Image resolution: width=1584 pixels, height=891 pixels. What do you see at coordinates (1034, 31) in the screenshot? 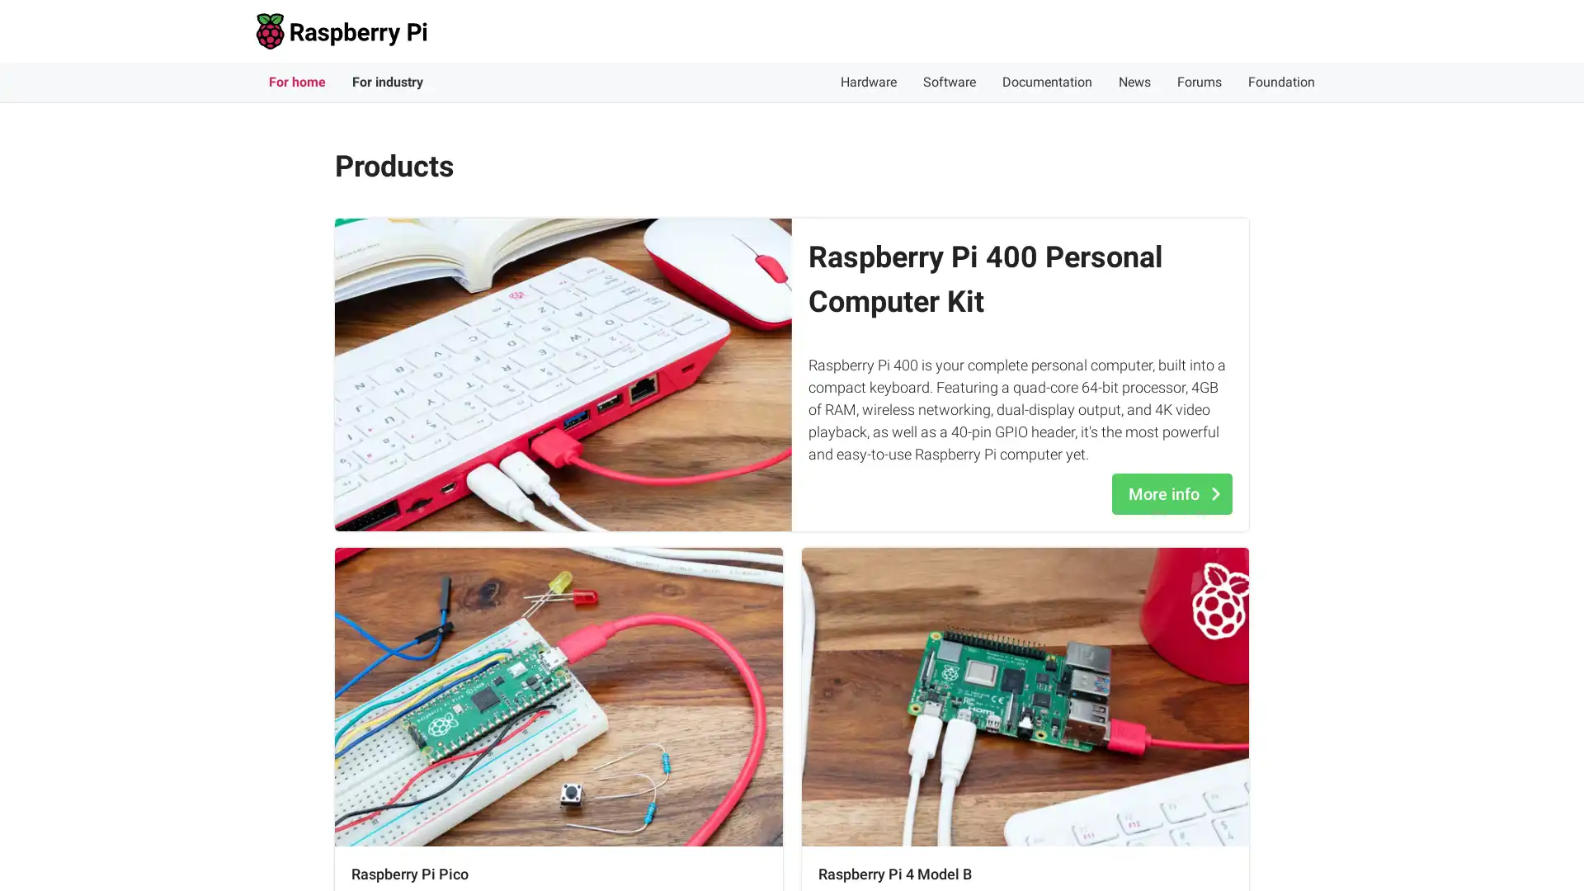
I see `Accept cookies` at bounding box center [1034, 31].